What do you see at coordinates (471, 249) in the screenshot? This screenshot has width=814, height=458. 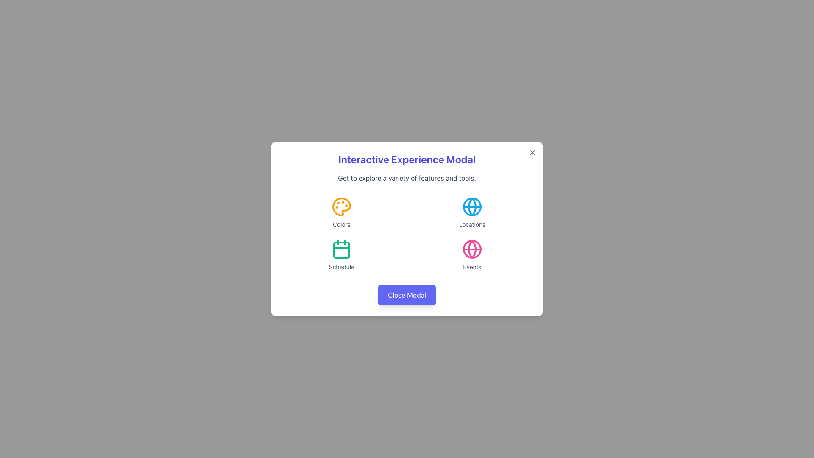 I see `the 'Events' SVG icon to access event-related features or information` at bounding box center [471, 249].